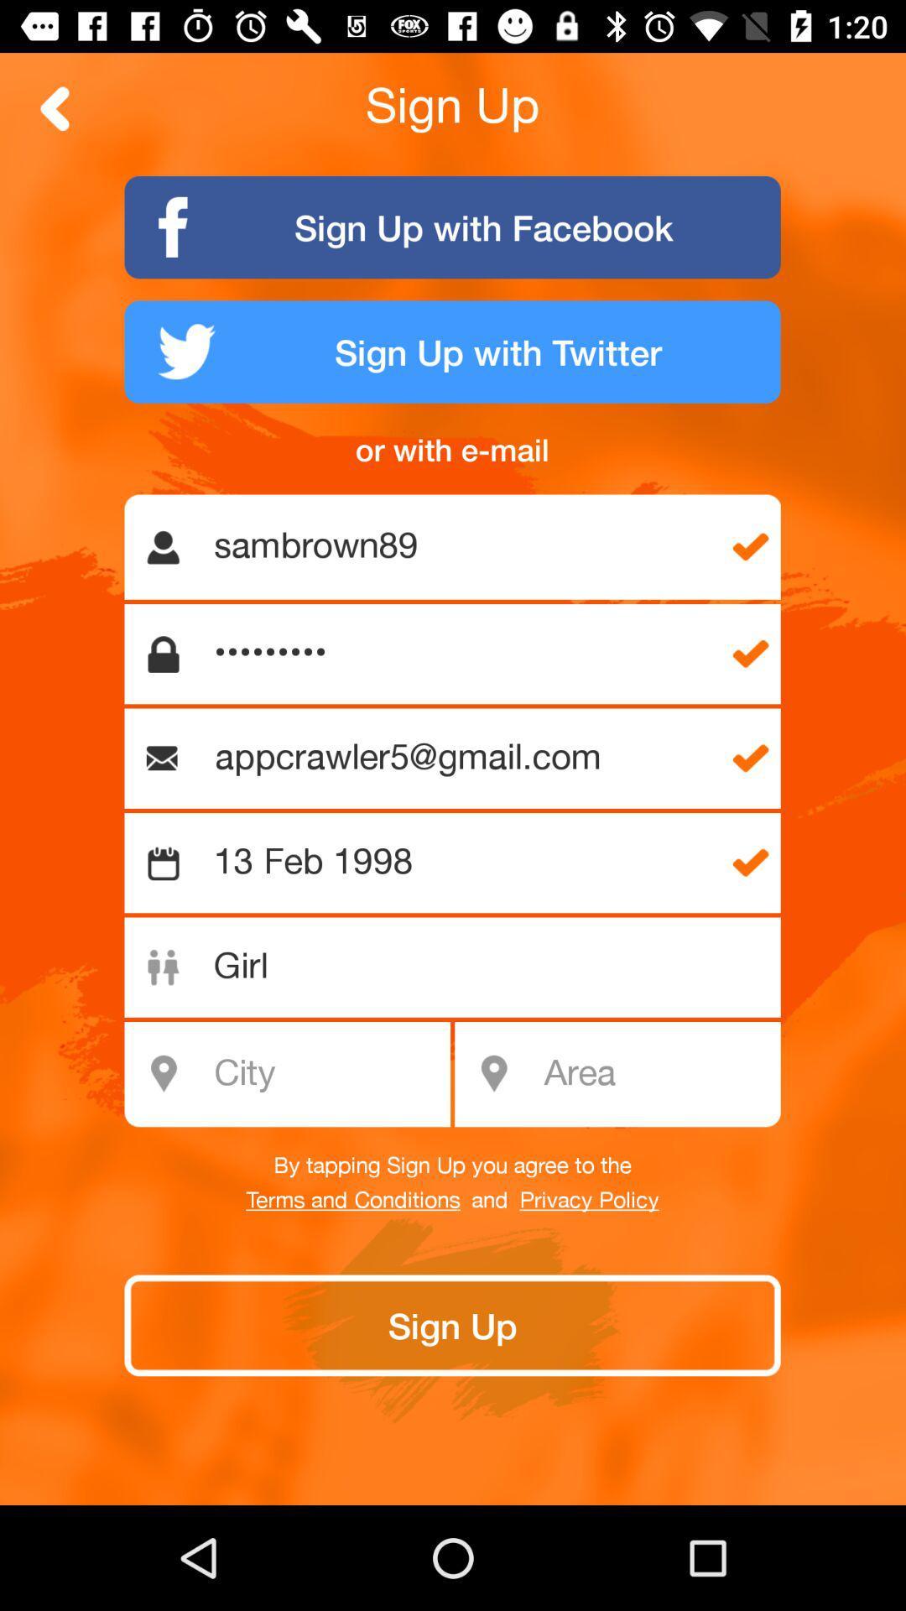  What do you see at coordinates (588, 1200) in the screenshot?
I see `the icon to the right of and icon` at bounding box center [588, 1200].